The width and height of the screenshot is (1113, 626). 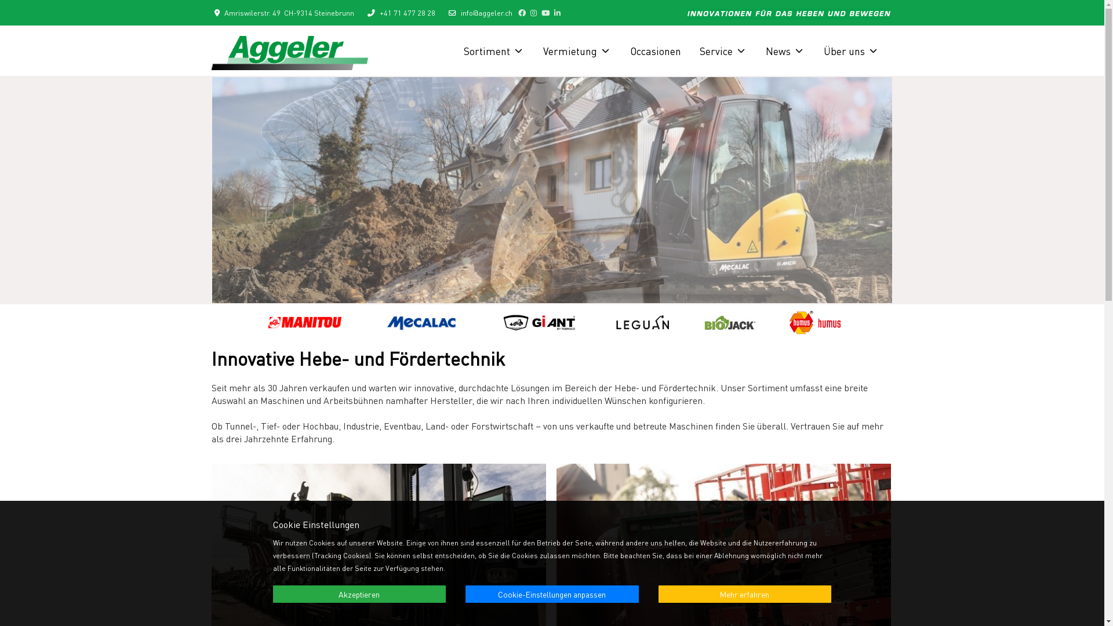 What do you see at coordinates (358, 594) in the screenshot?
I see `'Akzeptieren'` at bounding box center [358, 594].